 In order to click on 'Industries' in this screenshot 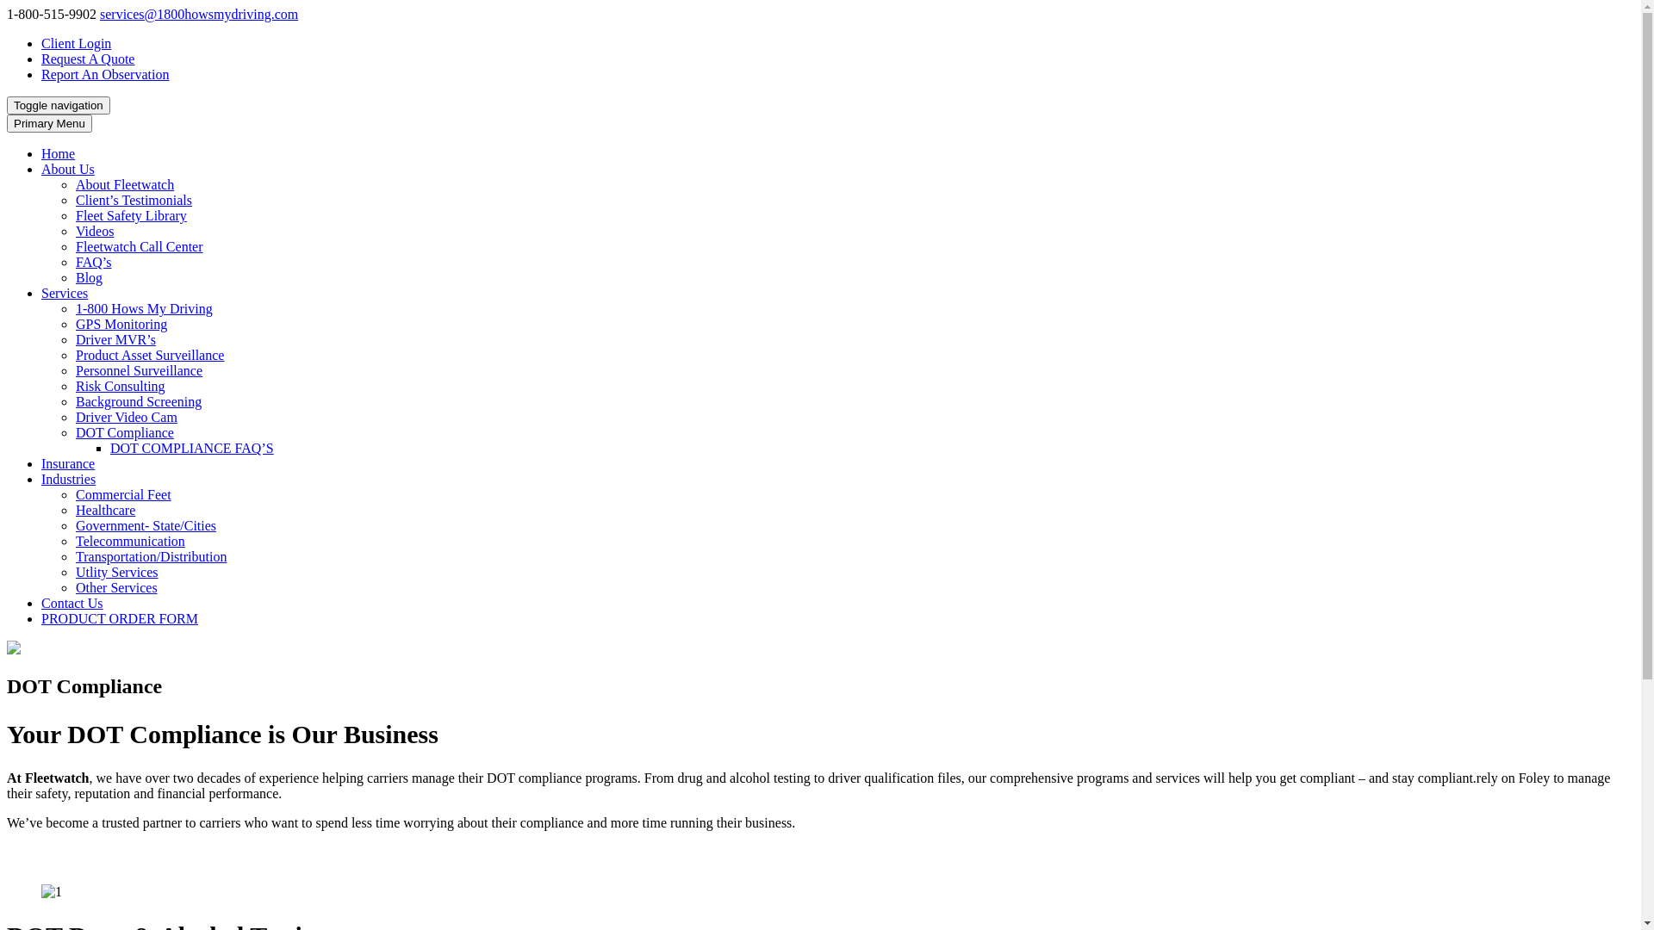, I will do `click(68, 479)`.